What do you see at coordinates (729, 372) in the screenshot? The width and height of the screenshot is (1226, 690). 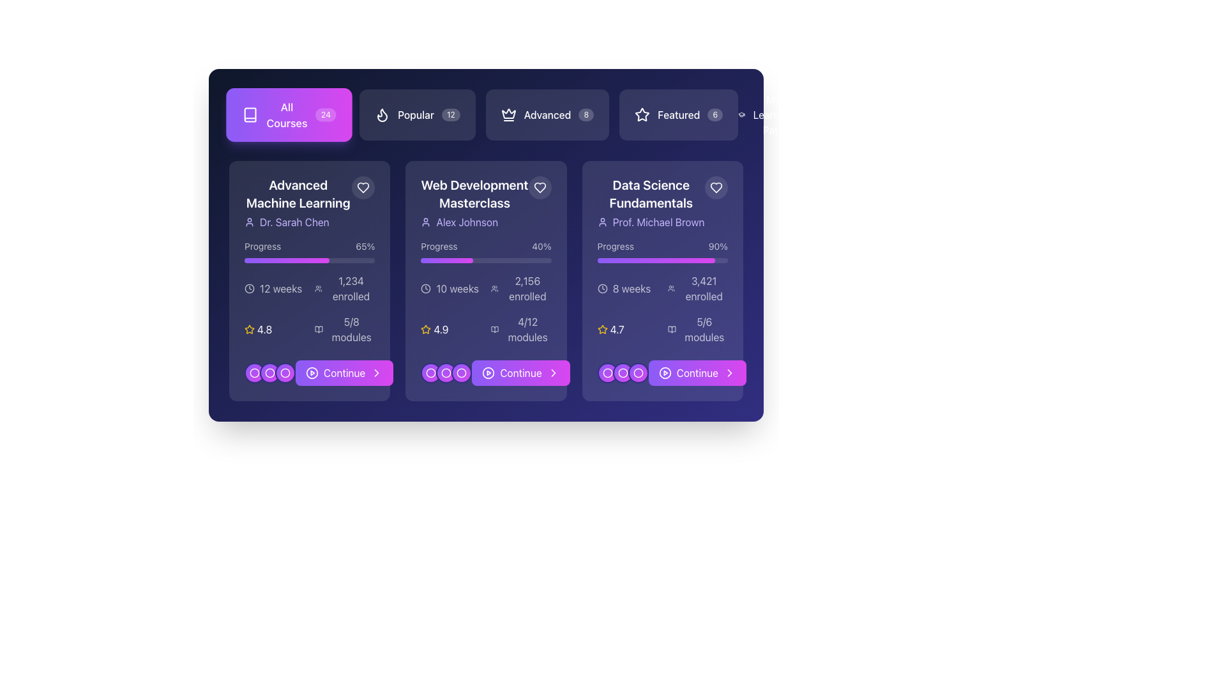 I see `the chevron icon located within the 'Continue' button of the third course card (Data Science Fundamentals)` at bounding box center [729, 372].